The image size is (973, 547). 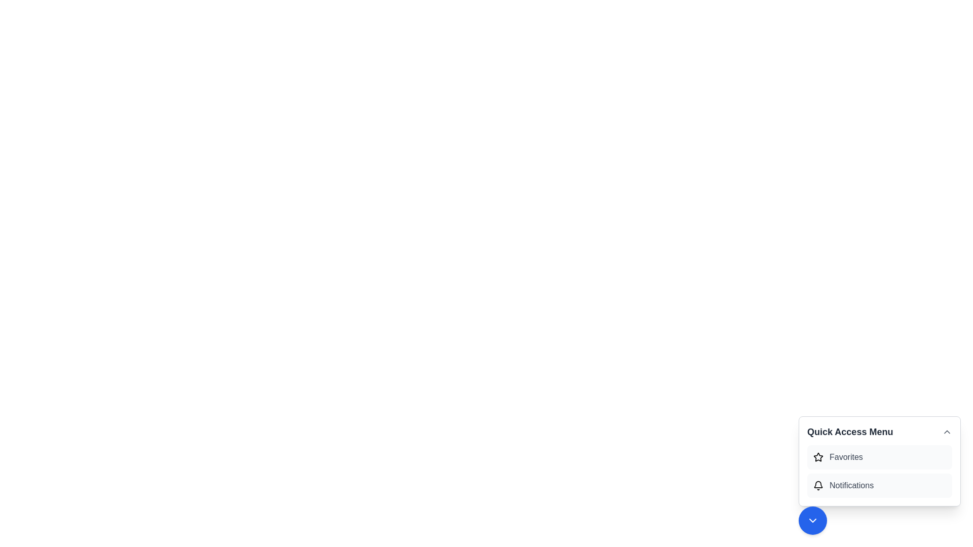 What do you see at coordinates (818, 485) in the screenshot?
I see `the 'Notifications' icon in the 'Quick Access Menu'` at bounding box center [818, 485].